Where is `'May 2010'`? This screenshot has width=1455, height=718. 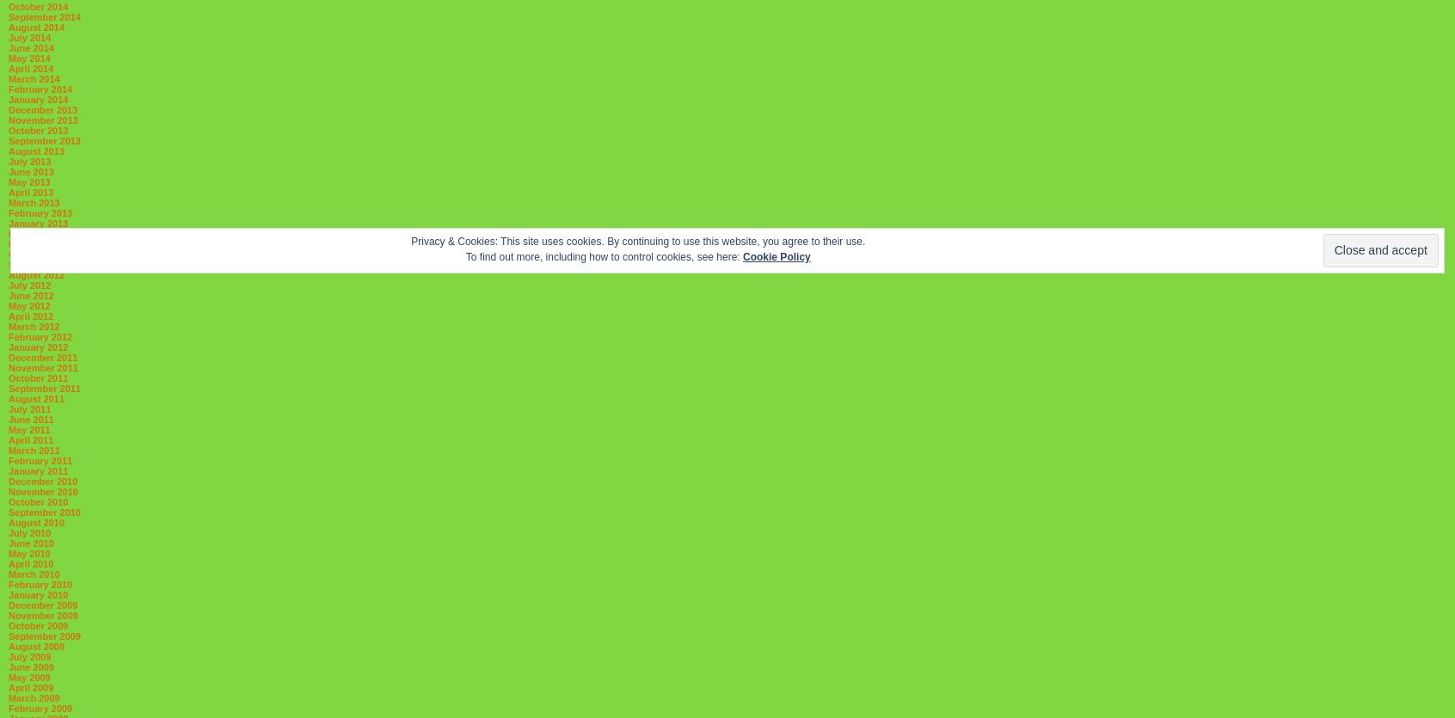
'May 2010' is located at coordinates (28, 553).